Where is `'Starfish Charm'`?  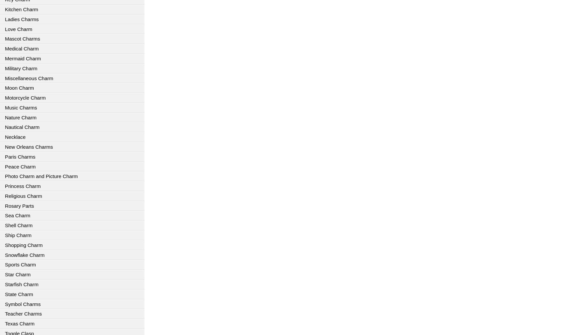
'Starfish Charm' is located at coordinates (21, 284).